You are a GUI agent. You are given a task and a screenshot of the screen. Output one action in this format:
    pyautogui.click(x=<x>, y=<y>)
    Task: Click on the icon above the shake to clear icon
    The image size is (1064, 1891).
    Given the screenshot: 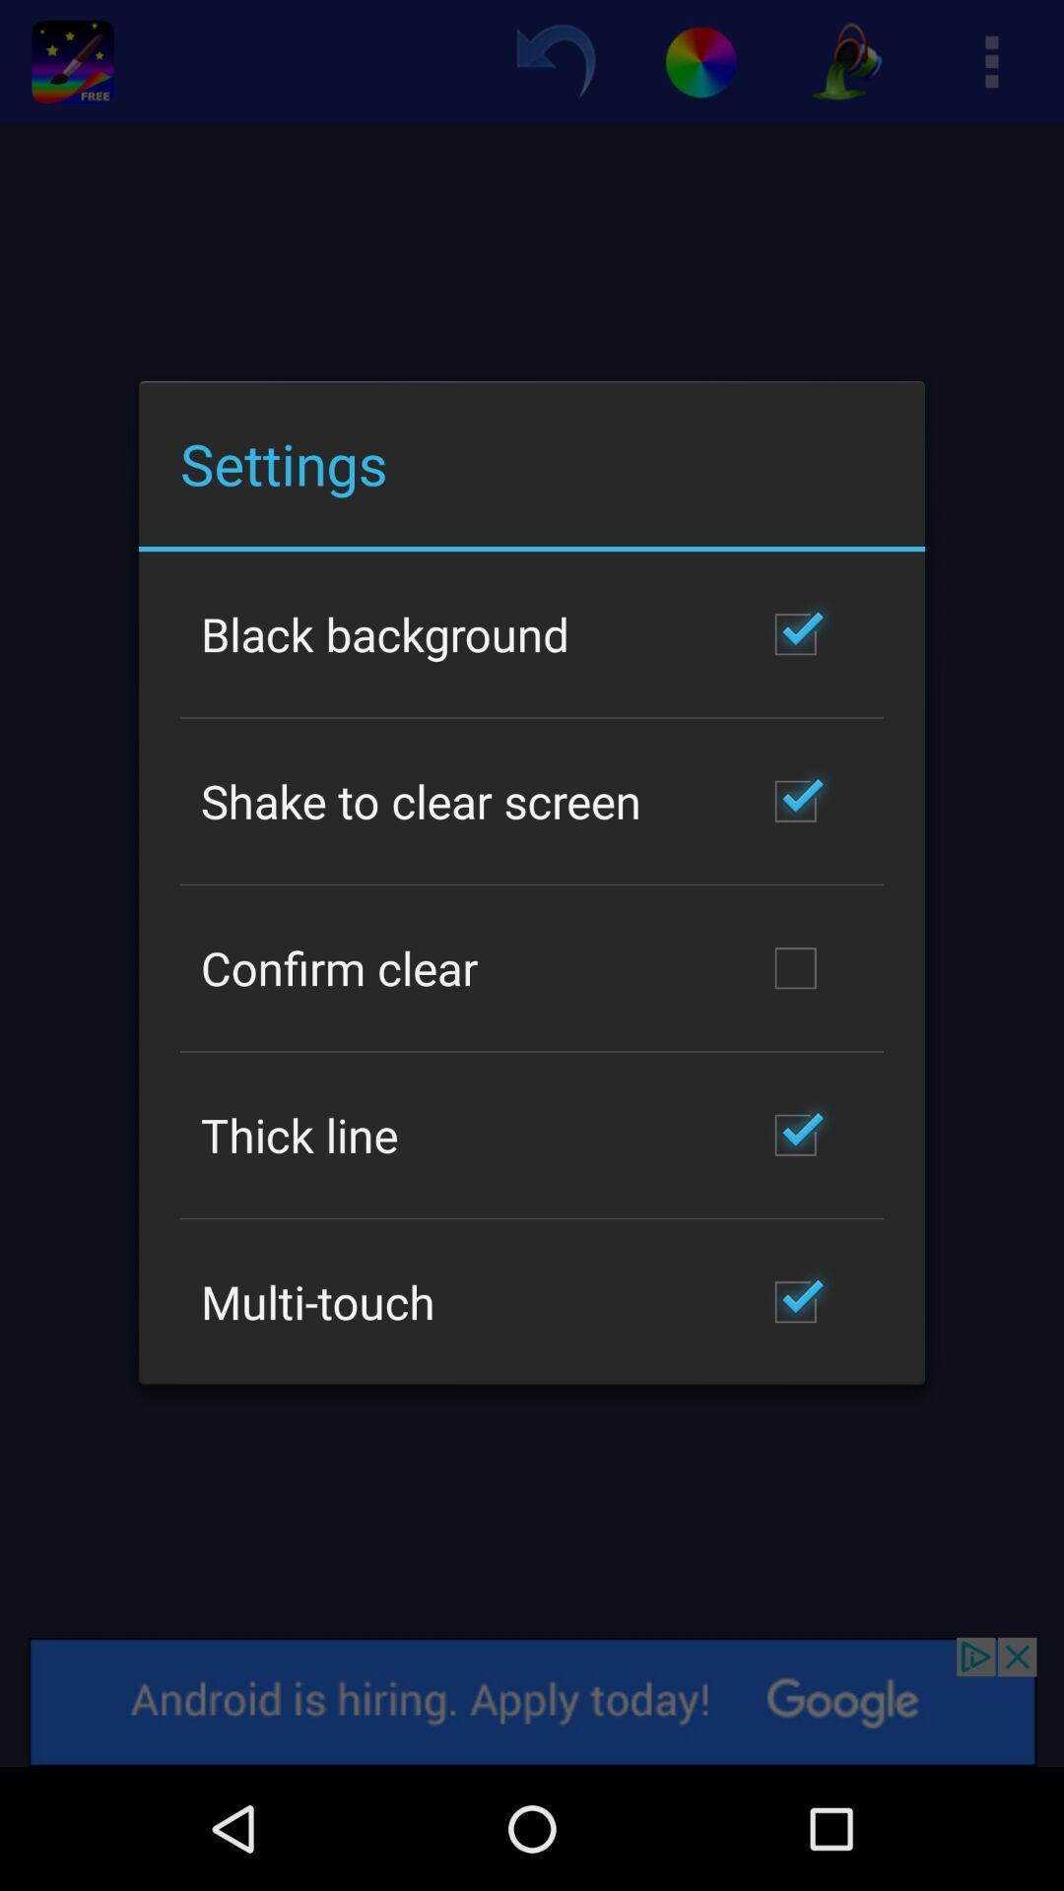 What is the action you would take?
    pyautogui.click(x=385, y=633)
    